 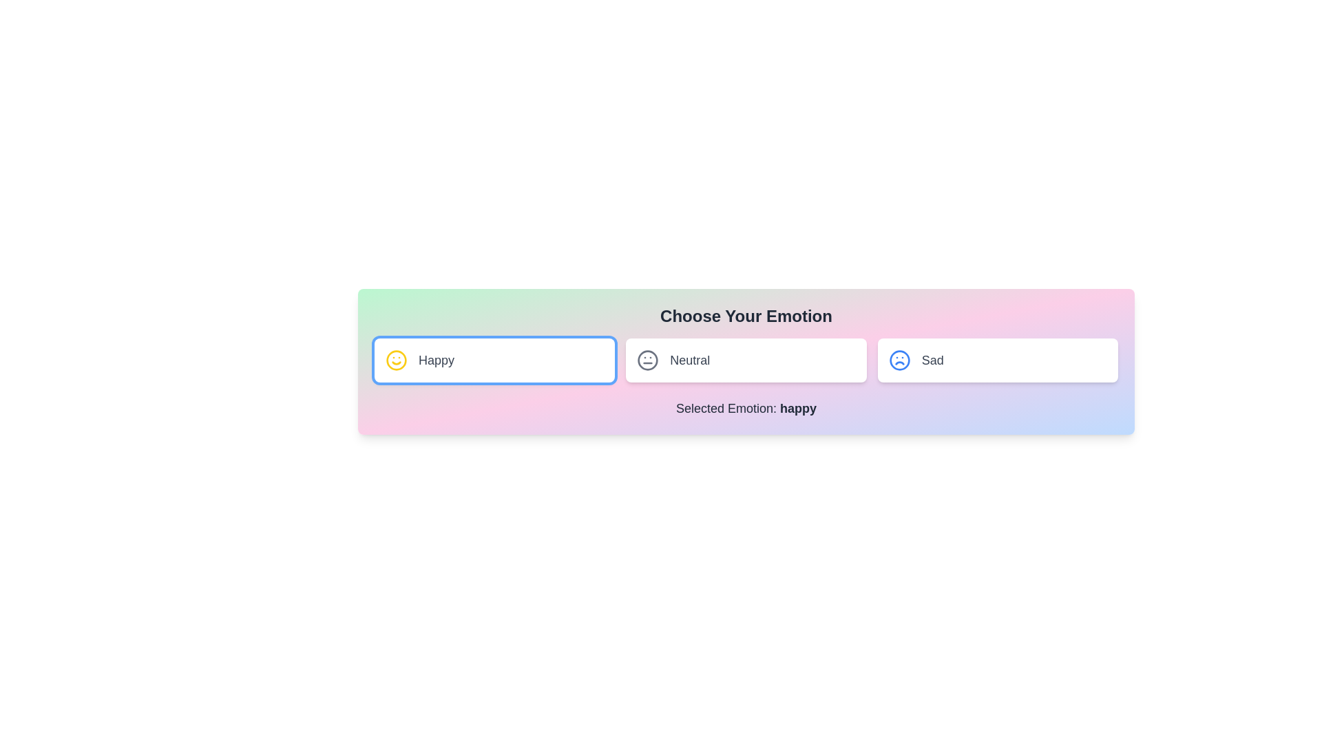 I want to click on the 'Neutral' emotion text label, which is located to the right of the neutral face emoji icon and is the second option among three horizontal emotion choices, so click(x=690, y=360).